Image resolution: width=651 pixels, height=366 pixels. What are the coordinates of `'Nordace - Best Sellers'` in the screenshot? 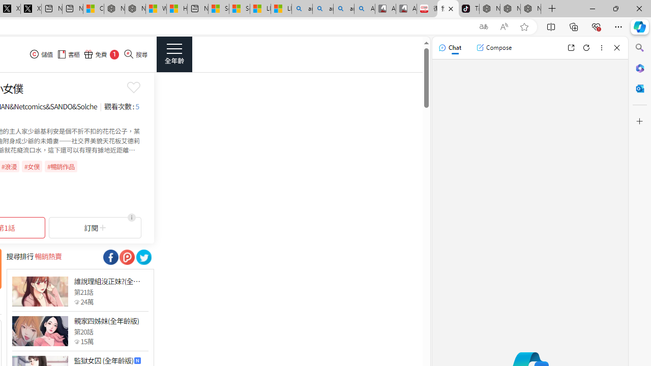 It's located at (490, 9).